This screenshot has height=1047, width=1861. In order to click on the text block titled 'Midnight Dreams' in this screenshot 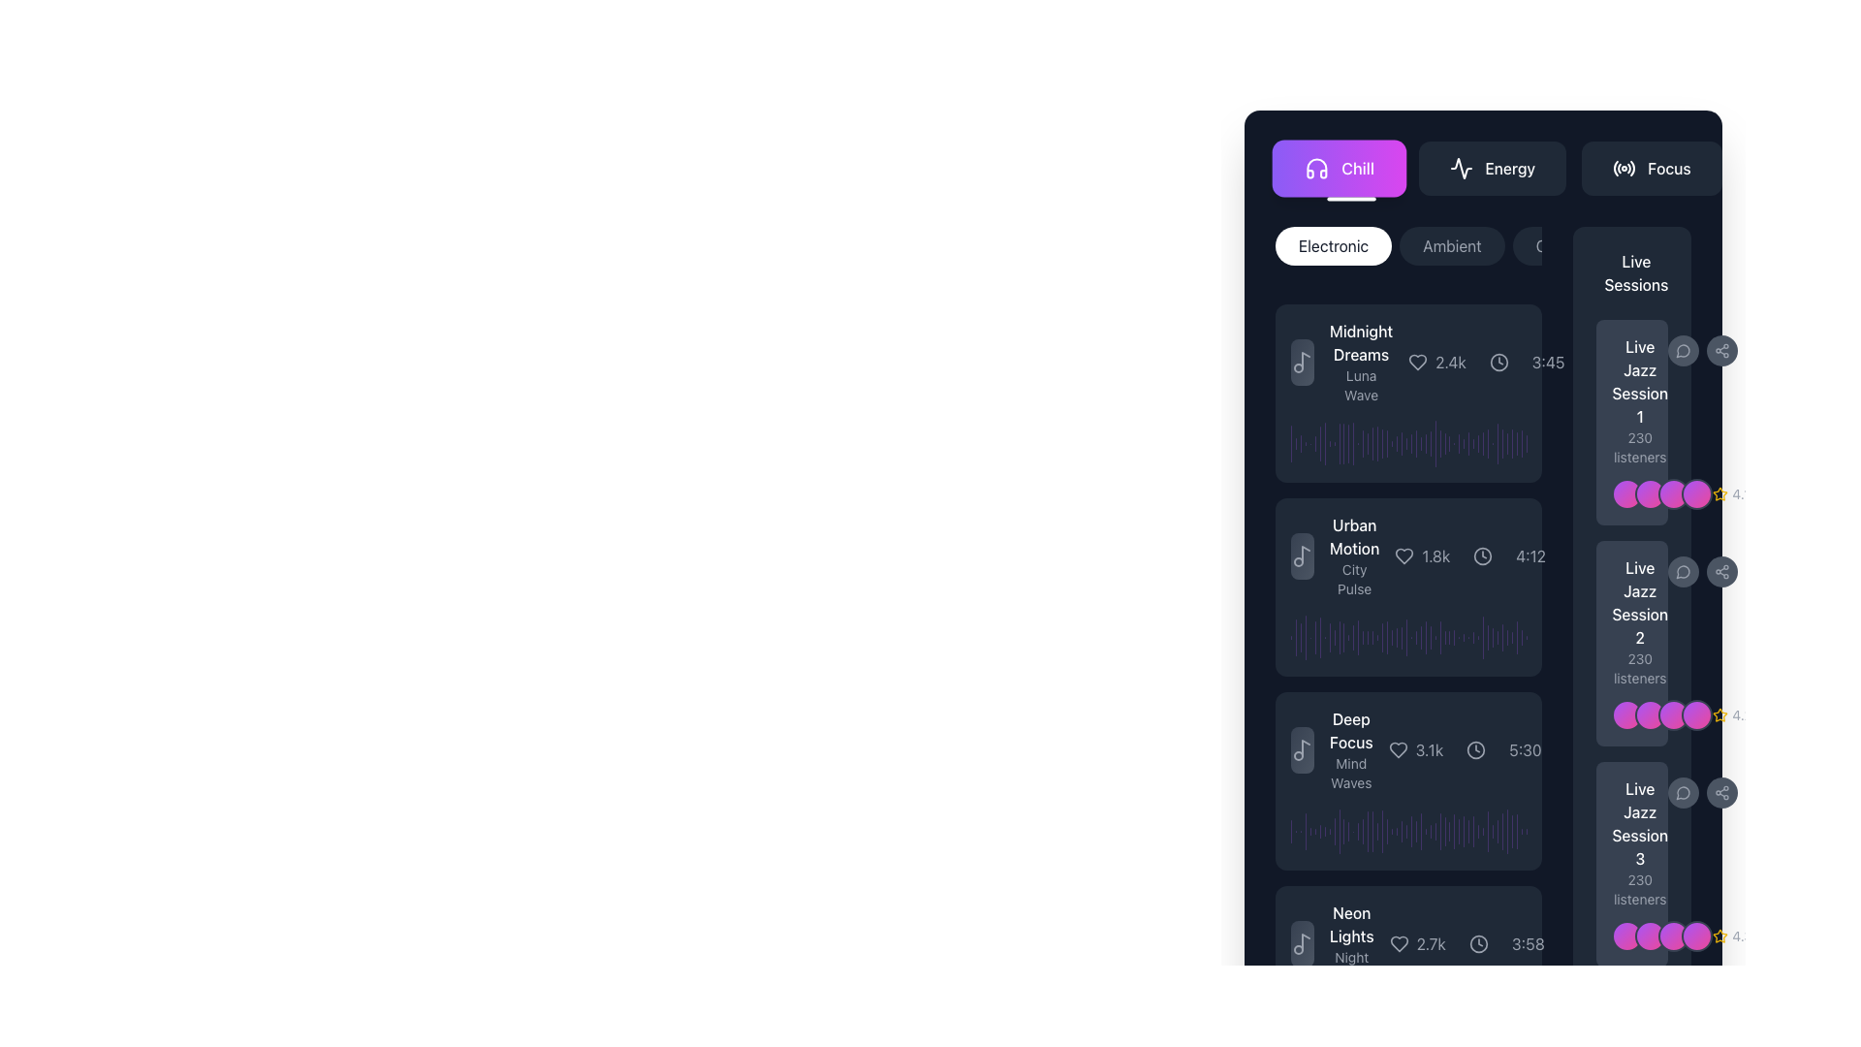, I will do `click(1360, 363)`.